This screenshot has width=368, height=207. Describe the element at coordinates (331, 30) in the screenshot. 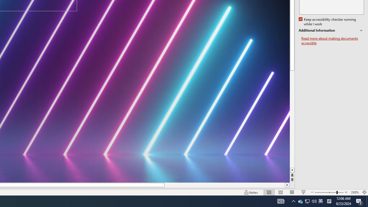

I see `'Additional Information'` at that location.